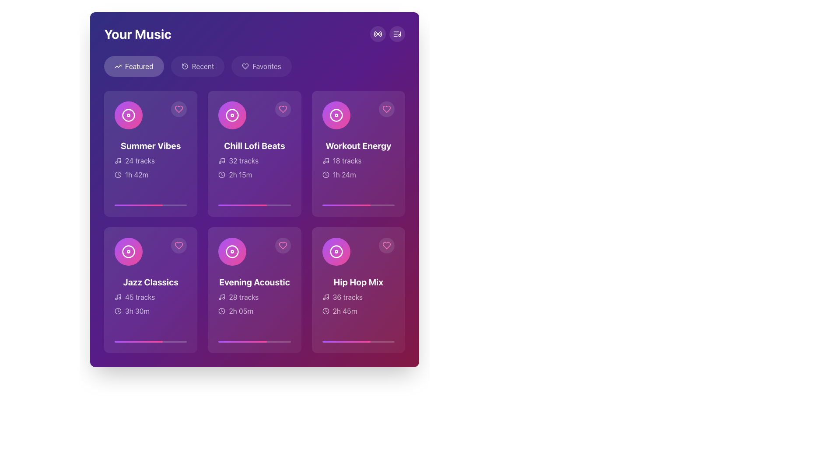 The image size is (840, 472). I want to click on the circular button with a gradient background transitioning from purple to pink, which contains a white disc icon in its center, located in the top-left corner of the 'Hip Hop Mix' card, so click(336, 251).